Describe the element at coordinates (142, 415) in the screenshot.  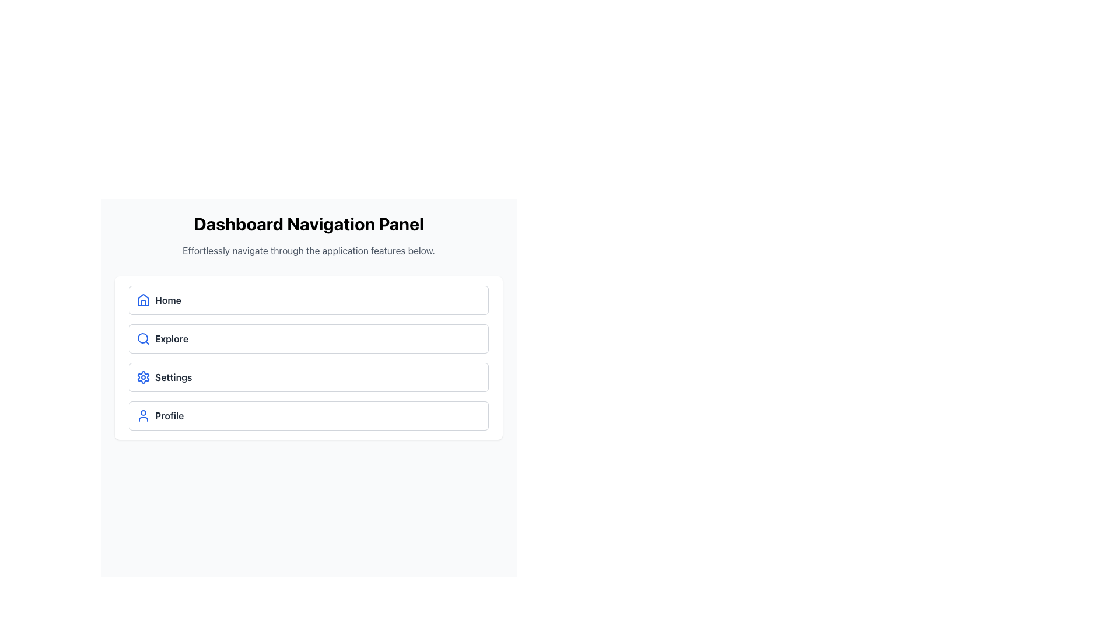
I see `the 'Profile' button which contains a user silhouette icon on the left side, located at the bottom of the navigation panel` at that location.